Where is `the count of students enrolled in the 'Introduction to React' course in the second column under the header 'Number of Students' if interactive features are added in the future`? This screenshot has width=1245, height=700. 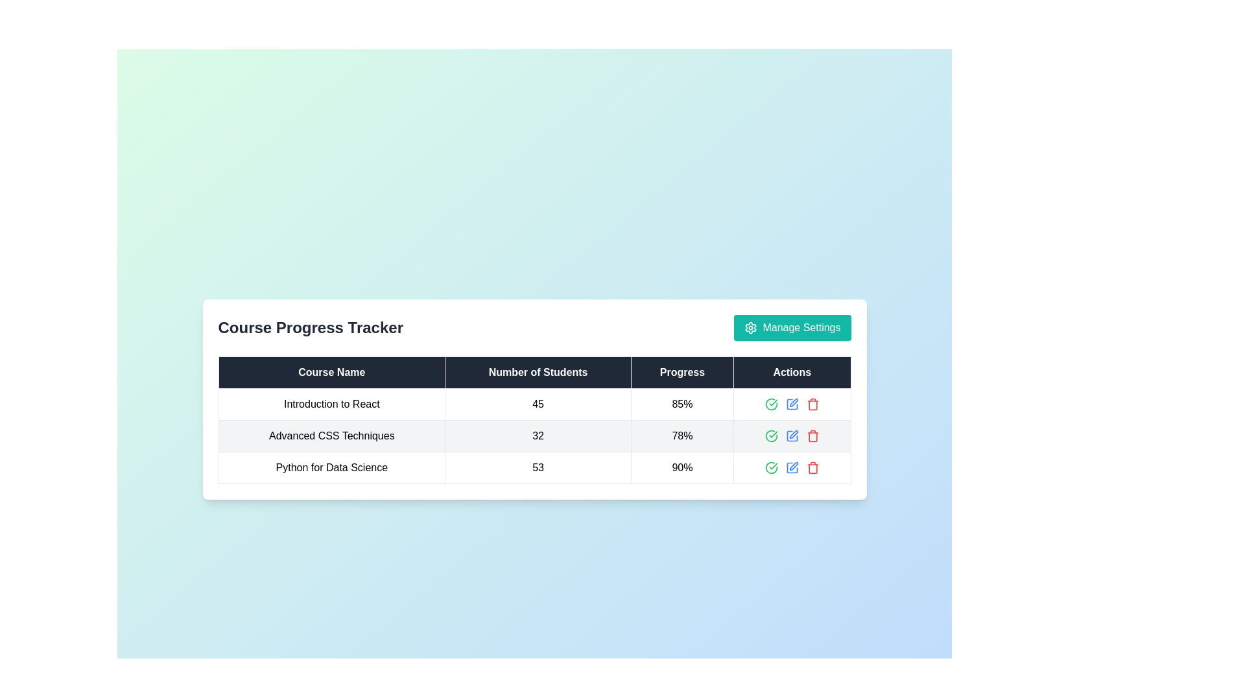 the count of students enrolled in the 'Introduction to React' course in the second column under the header 'Number of Students' if interactive features are added in the future is located at coordinates (538, 403).